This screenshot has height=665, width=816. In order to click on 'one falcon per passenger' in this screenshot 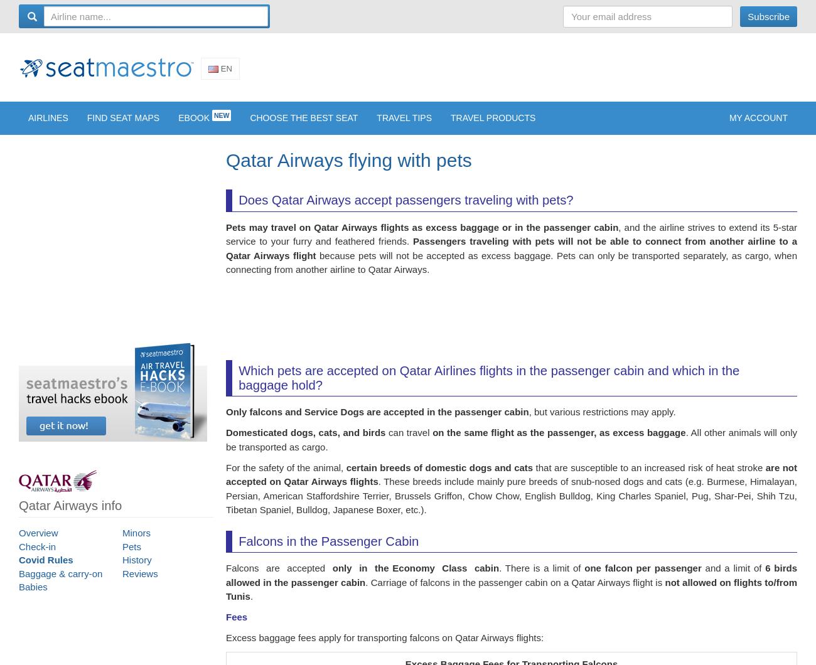, I will do `click(642, 575)`.